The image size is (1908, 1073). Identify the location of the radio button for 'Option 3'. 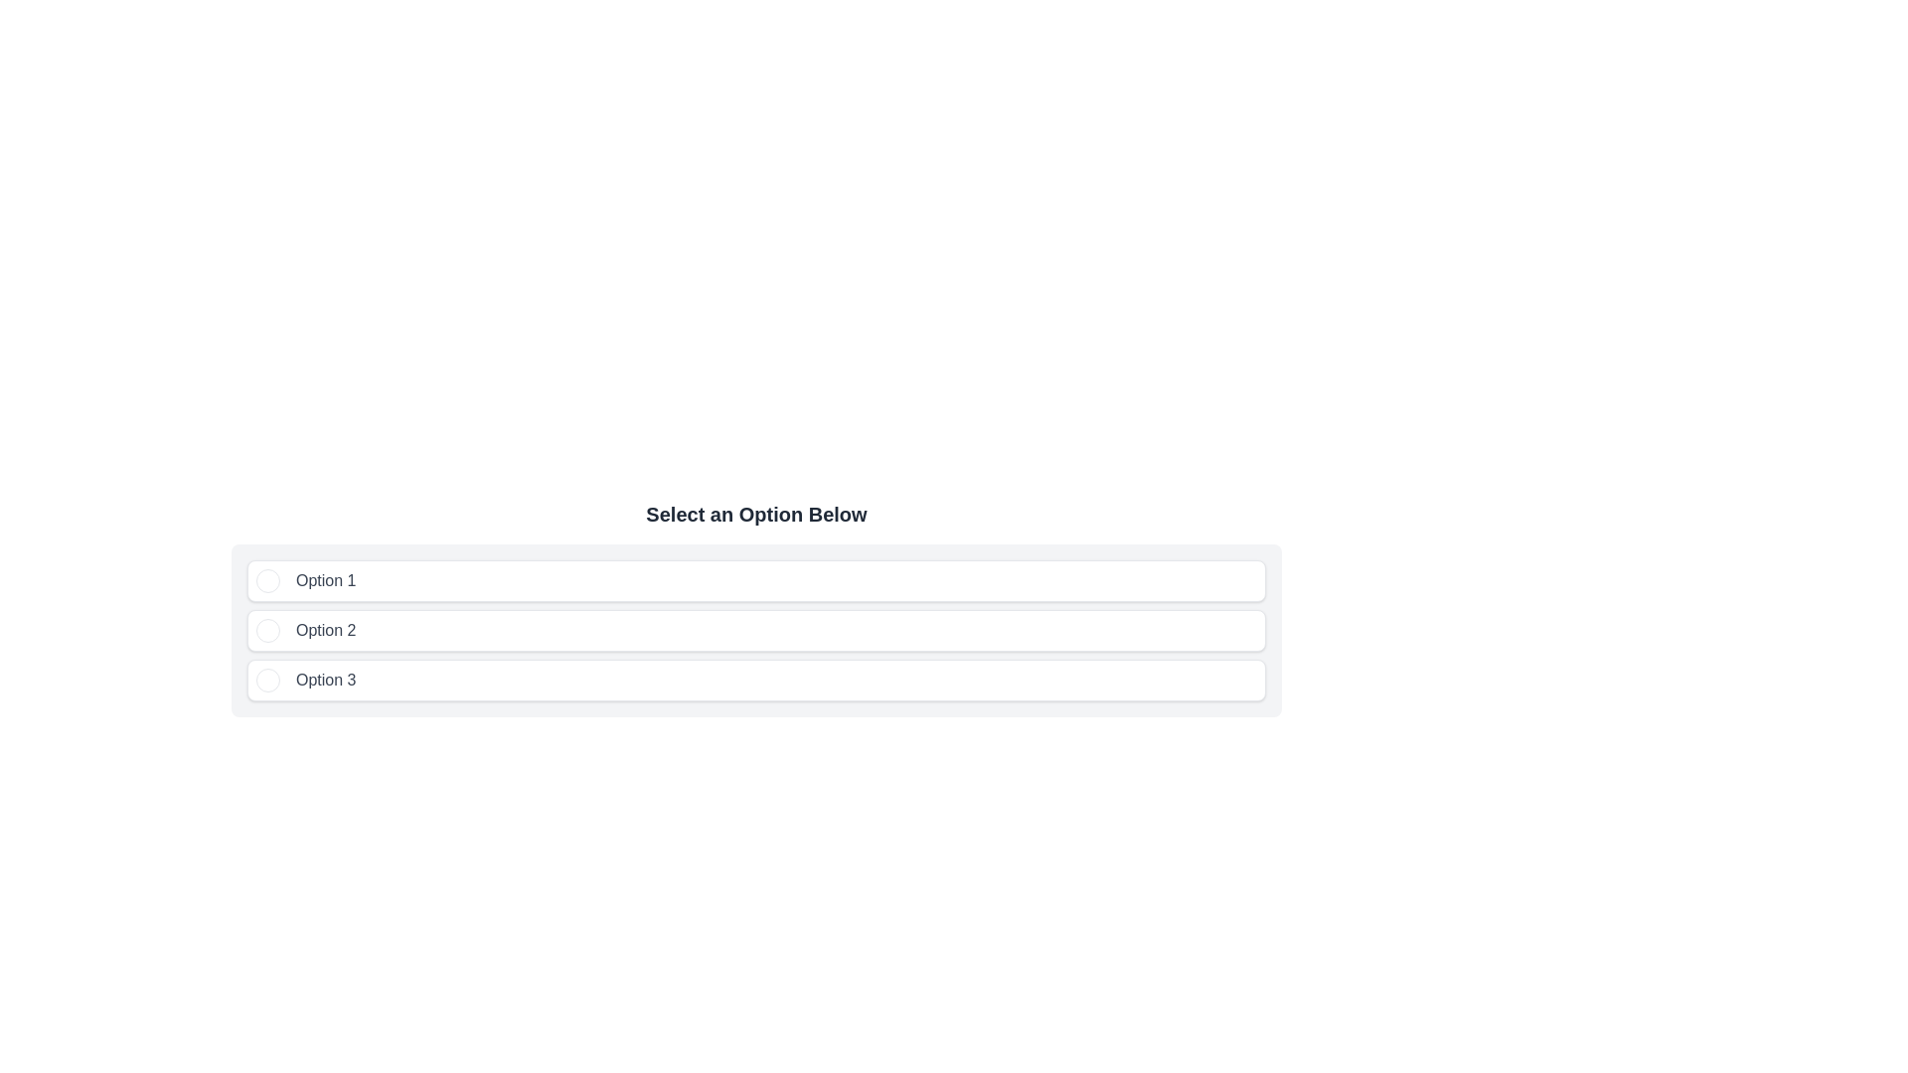
(266, 680).